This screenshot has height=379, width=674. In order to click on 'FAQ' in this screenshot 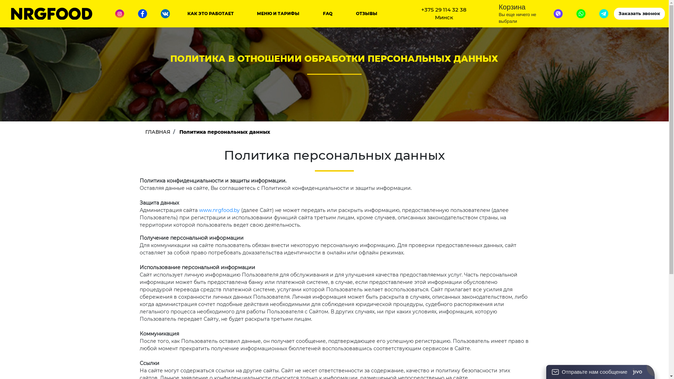, I will do `click(327, 13)`.